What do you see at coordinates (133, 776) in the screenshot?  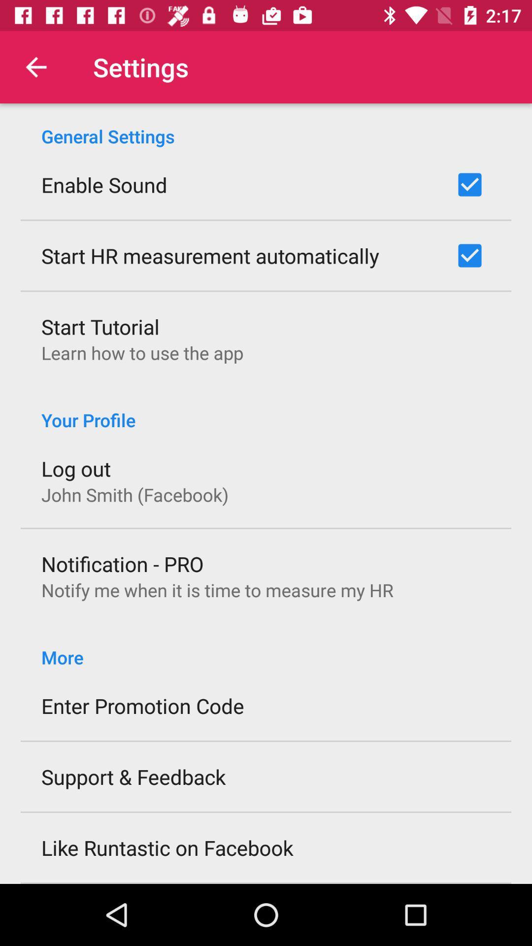 I see `the icon below enter promotion code icon` at bounding box center [133, 776].